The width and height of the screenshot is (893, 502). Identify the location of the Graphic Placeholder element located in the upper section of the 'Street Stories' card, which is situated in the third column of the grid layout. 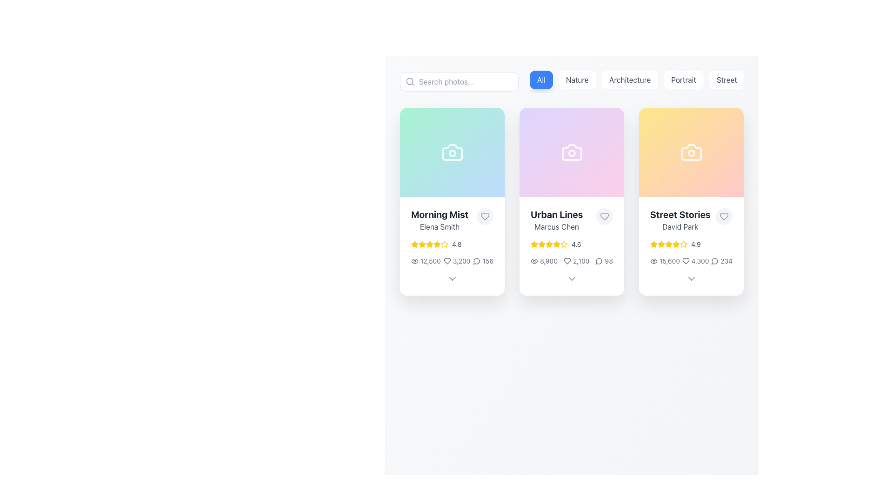
(691, 152).